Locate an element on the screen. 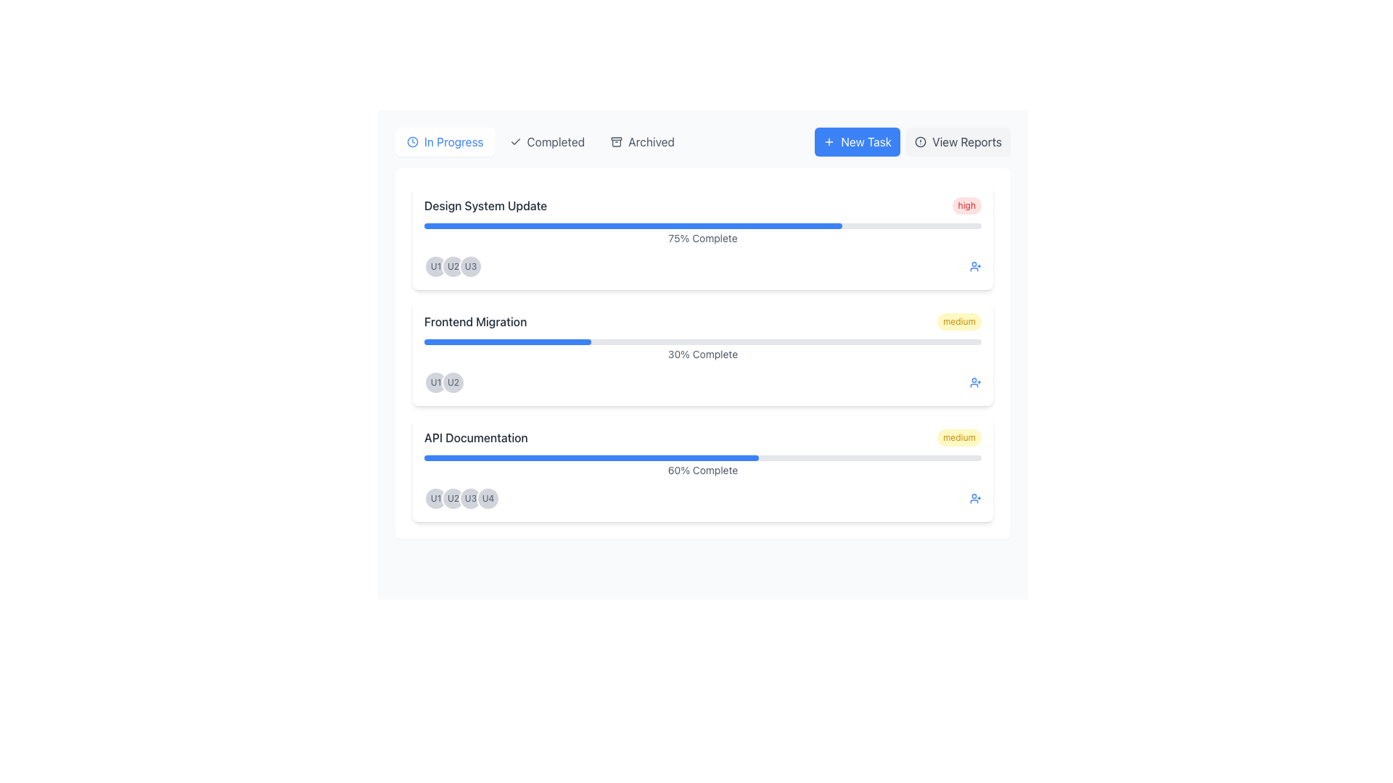 The height and width of the screenshot is (783, 1393). state indicated by the status label located to the right of the 'Frontend Migration' text, which signifies priority or importance level is located at coordinates (959, 320).